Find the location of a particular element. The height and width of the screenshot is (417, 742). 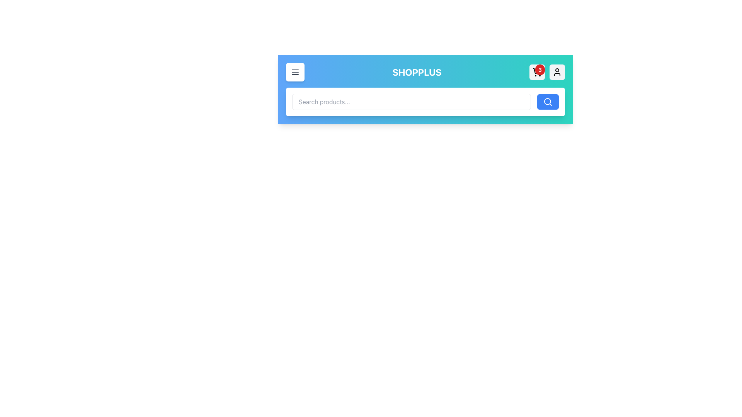

the blue button with rounded corners containing a magnifying glass icon, located to the right of the 'Search products...' text input field is located at coordinates (547, 101).